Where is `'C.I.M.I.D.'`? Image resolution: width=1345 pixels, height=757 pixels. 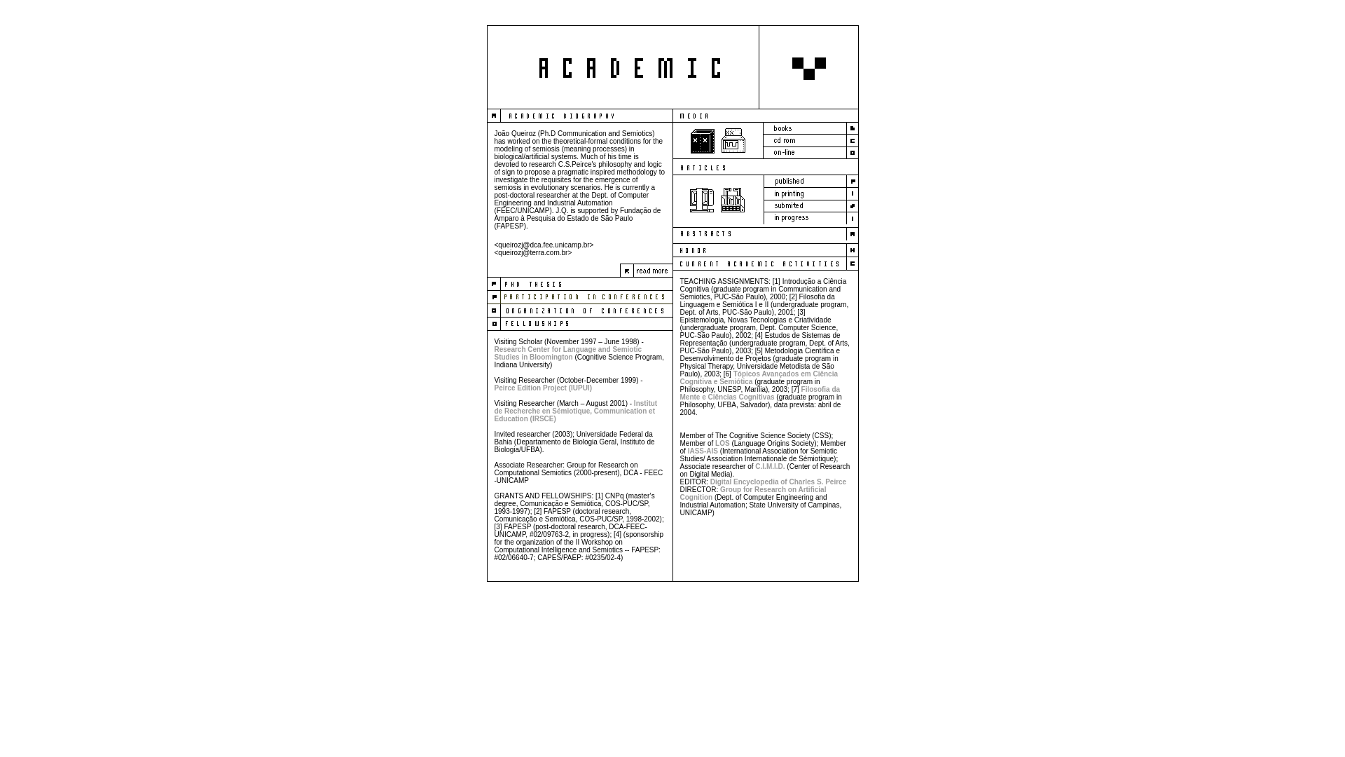
'C.I.M.I.D.' is located at coordinates (769, 466).